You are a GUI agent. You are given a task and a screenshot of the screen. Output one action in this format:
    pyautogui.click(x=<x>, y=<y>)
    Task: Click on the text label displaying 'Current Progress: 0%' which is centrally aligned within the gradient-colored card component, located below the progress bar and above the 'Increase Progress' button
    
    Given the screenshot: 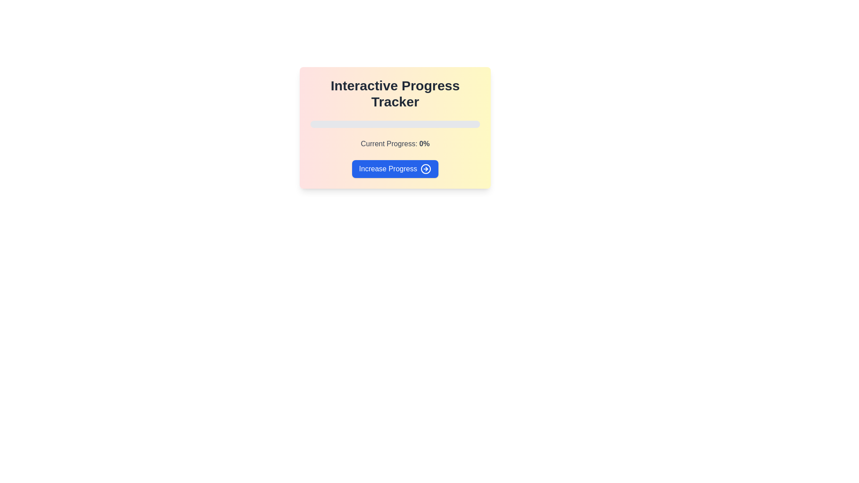 What is the action you would take?
    pyautogui.click(x=395, y=143)
    